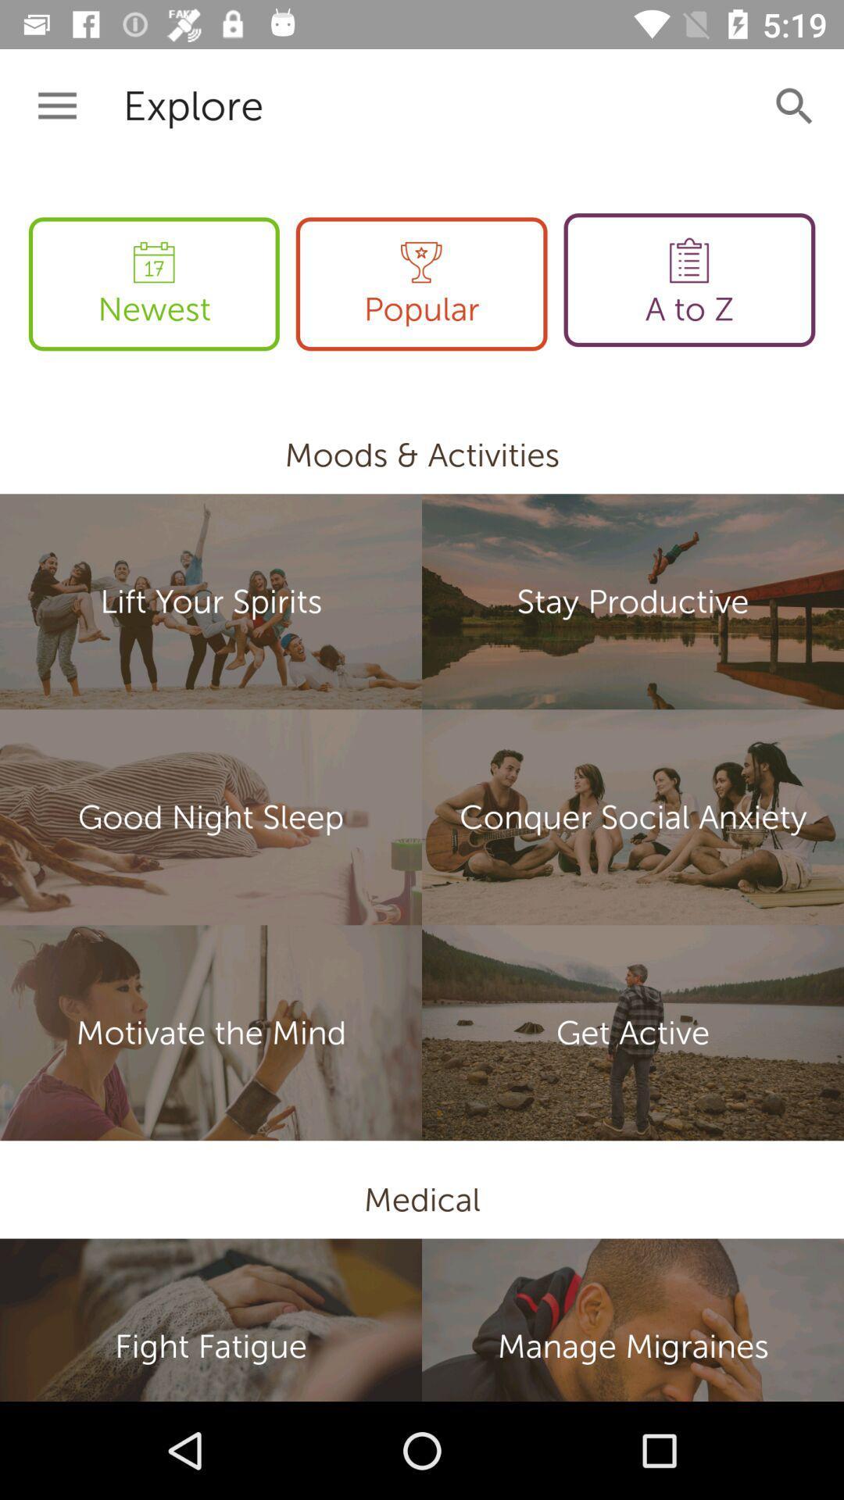  What do you see at coordinates (56, 105) in the screenshot?
I see `the icon above newest item` at bounding box center [56, 105].